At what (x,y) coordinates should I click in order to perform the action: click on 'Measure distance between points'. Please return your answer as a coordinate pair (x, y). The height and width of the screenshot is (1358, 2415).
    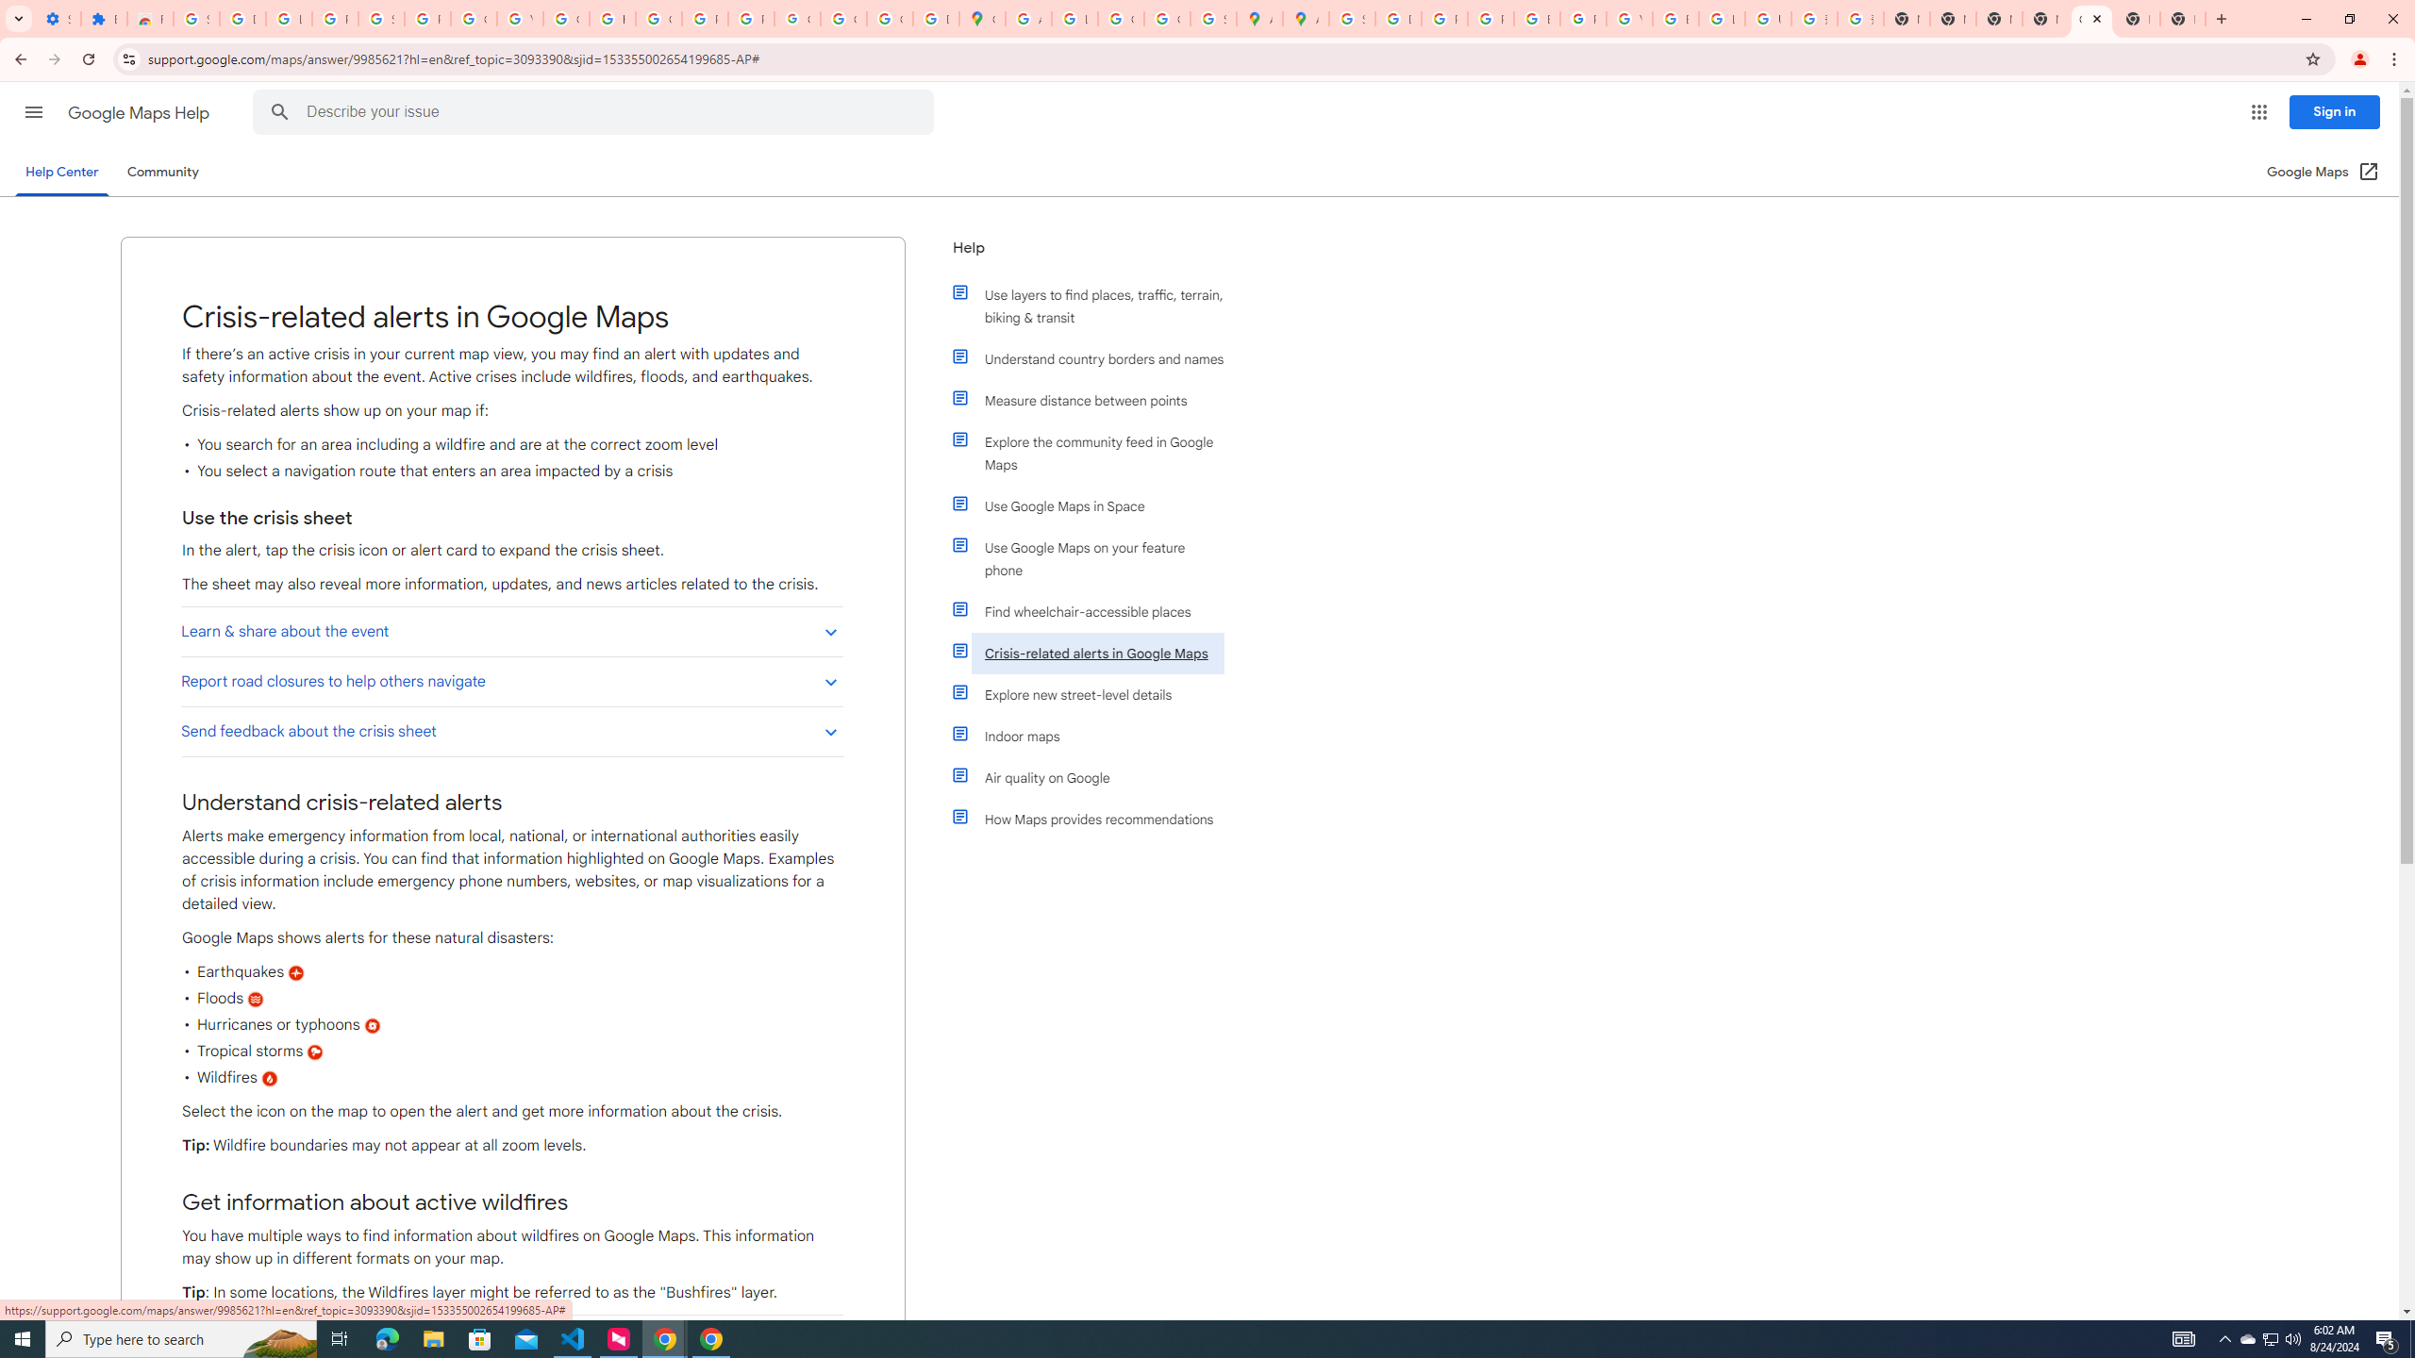
    Looking at the image, I should click on (1096, 400).